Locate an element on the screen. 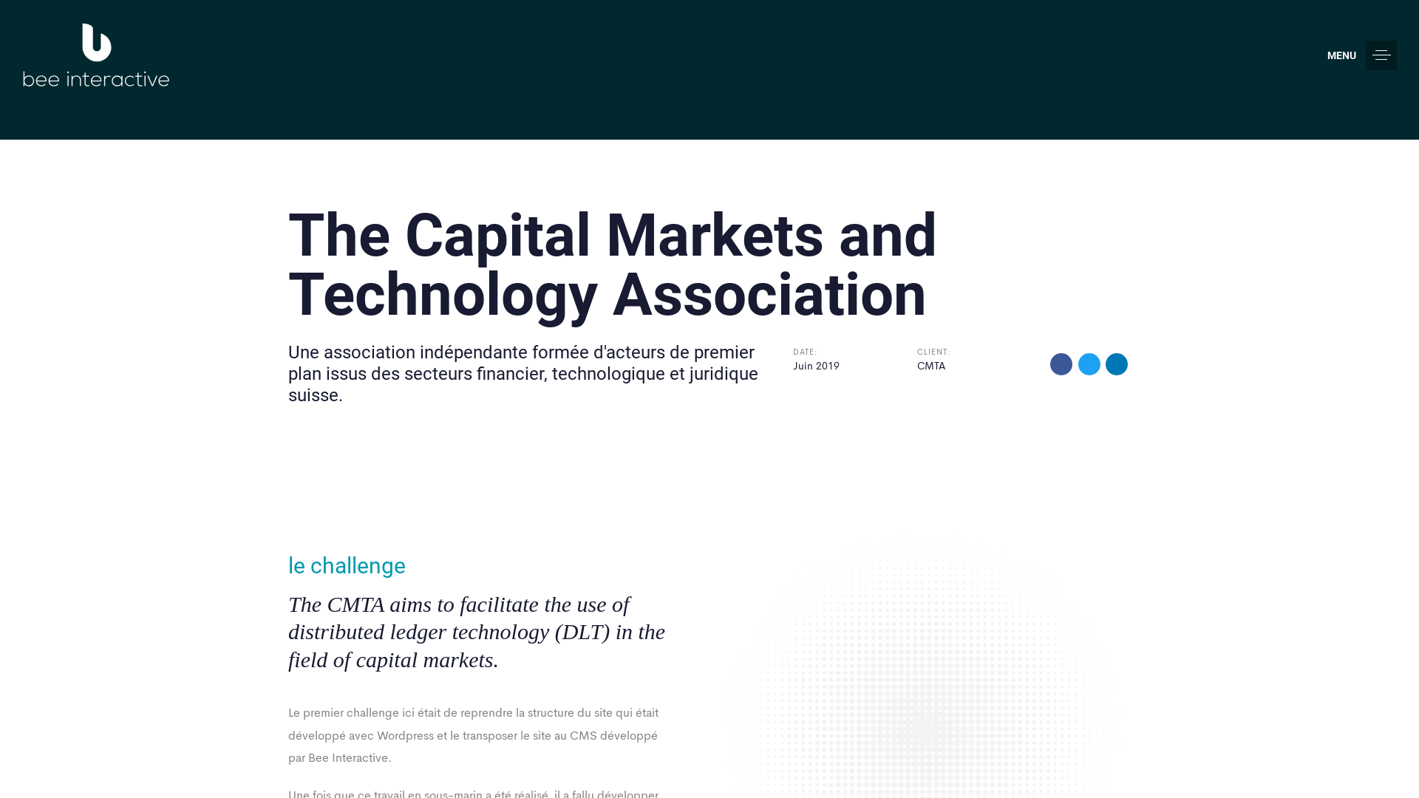  'MENU' is located at coordinates (1361, 54).